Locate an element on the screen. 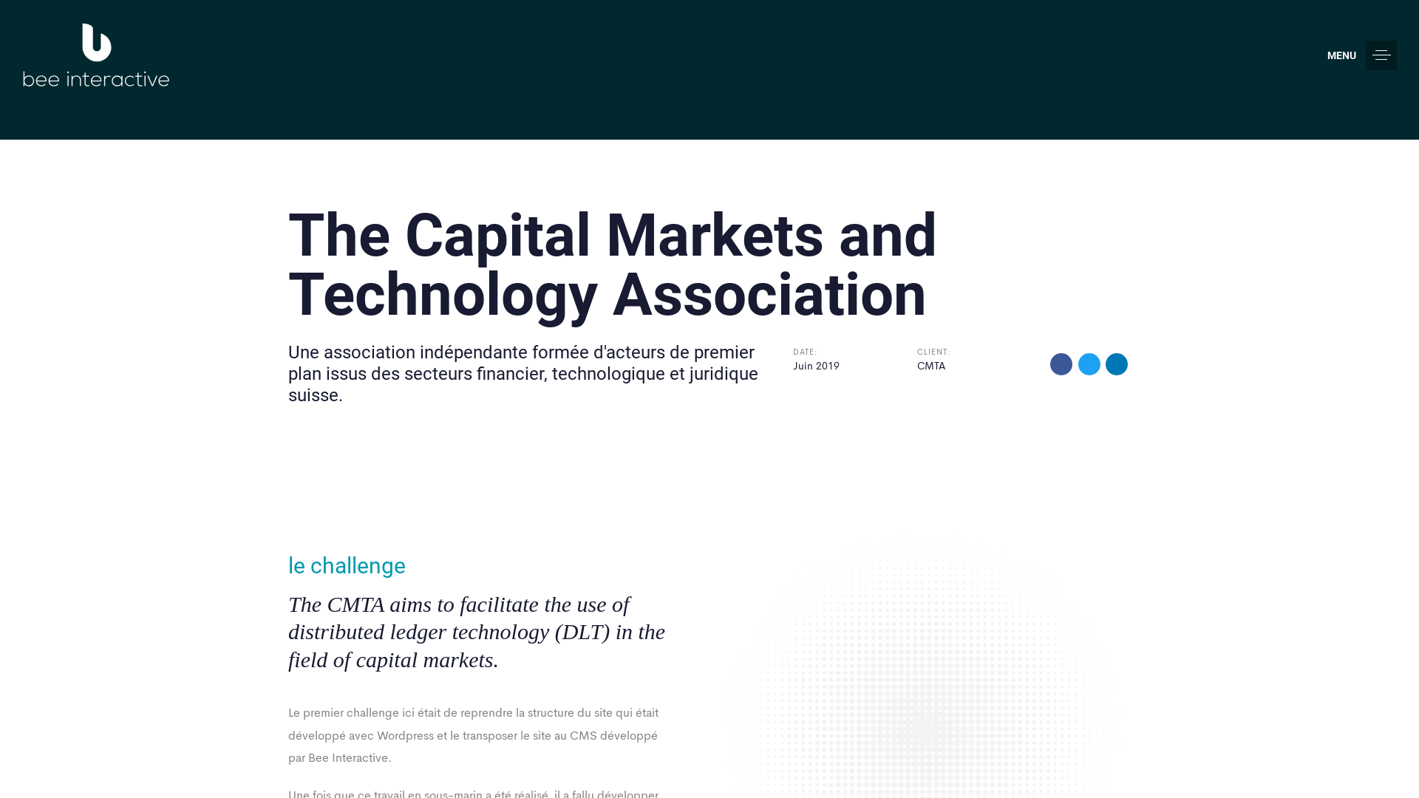  'MENU' is located at coordinates (1361, 54).